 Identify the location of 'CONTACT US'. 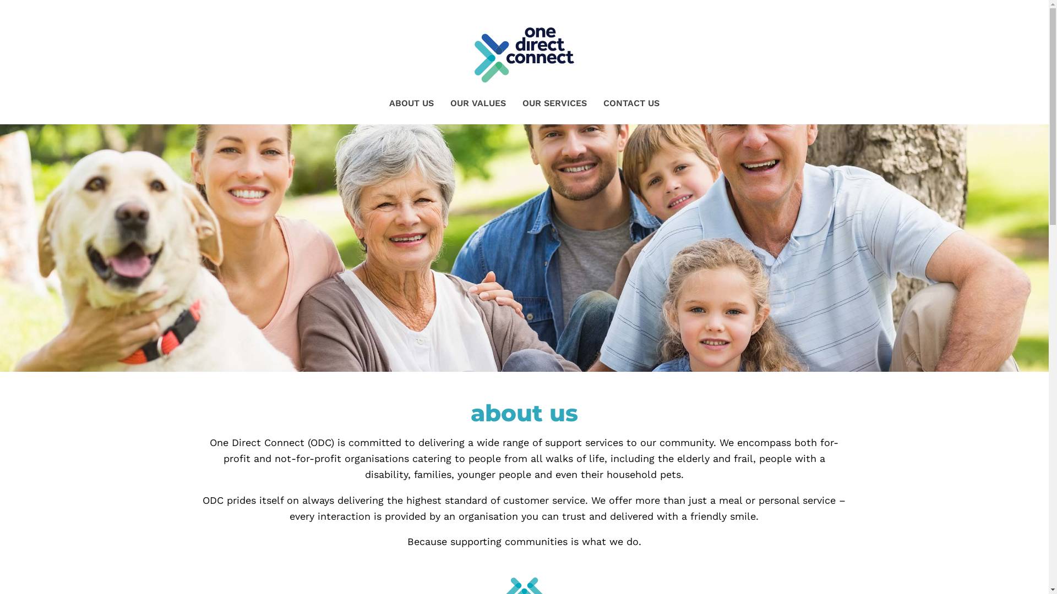
(631, 103).